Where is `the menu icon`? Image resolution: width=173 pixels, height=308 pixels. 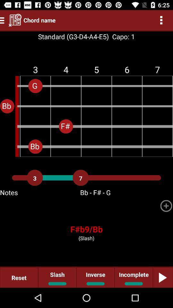 the menu icon is located at coordinates (3, 20).